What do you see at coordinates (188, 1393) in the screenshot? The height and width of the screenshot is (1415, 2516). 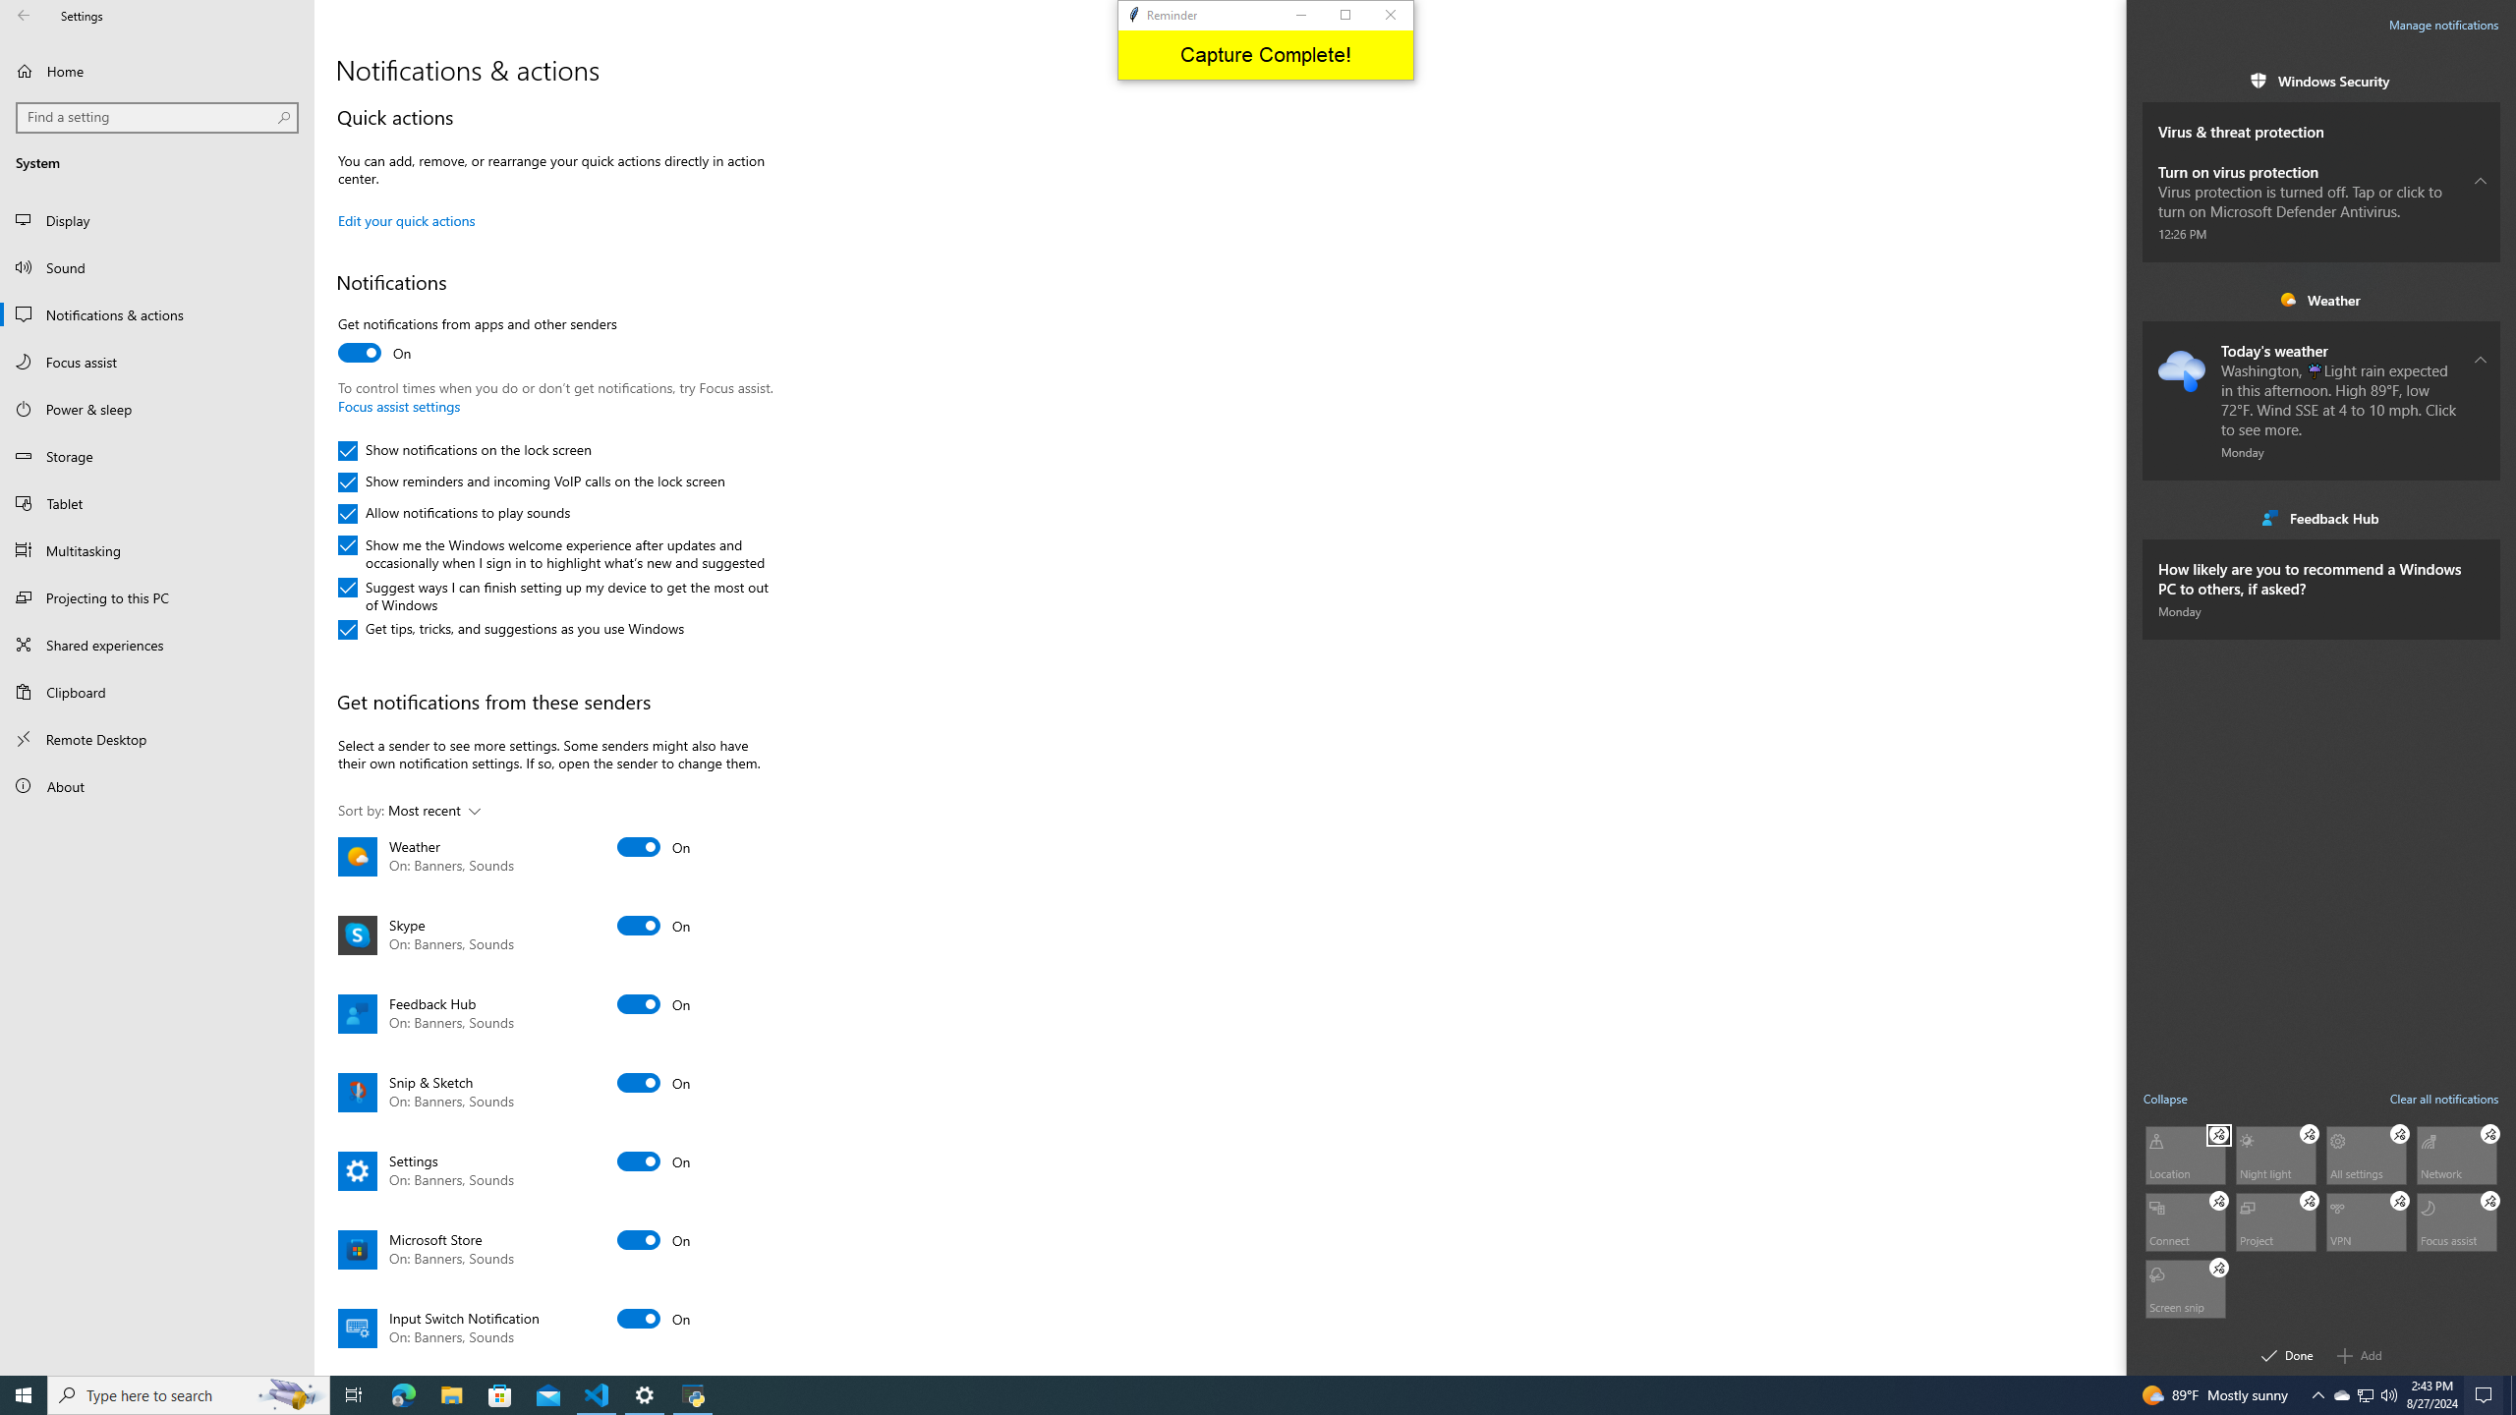 I see `'Type here to search'` at bounding box center [188, 1393].